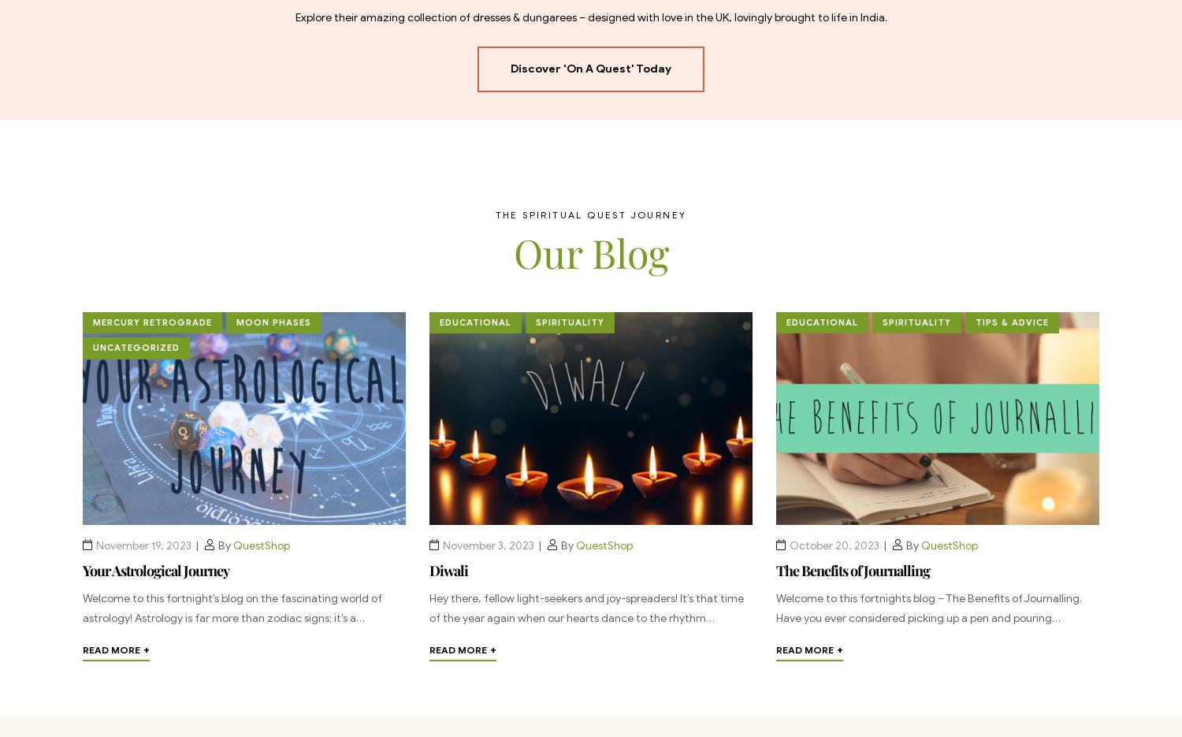 This screenshot has height=737, width=1182. What do you see at coordinates (155, 569) in the screenshot?
I see `'Your Astrological Journey'` at bounding box center [155, 569].